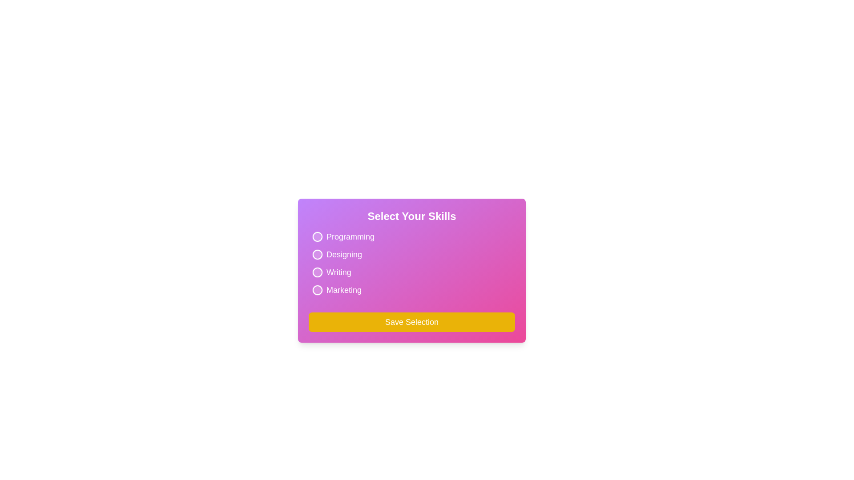 Image resolution: width=854 pixels, height=480 pixels. I want to click on the skill Marketing, so click(318, 290).